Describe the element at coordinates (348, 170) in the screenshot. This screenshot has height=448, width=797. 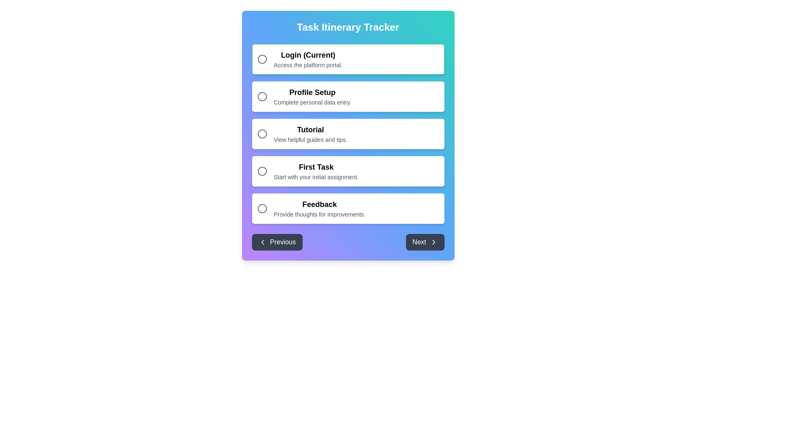
I see `the informational card with the bold text 'First Task' and the subtext 'Start with your initial assignment.', which is the fourth card in the 'Task Itinerary Tracker'` at that location.